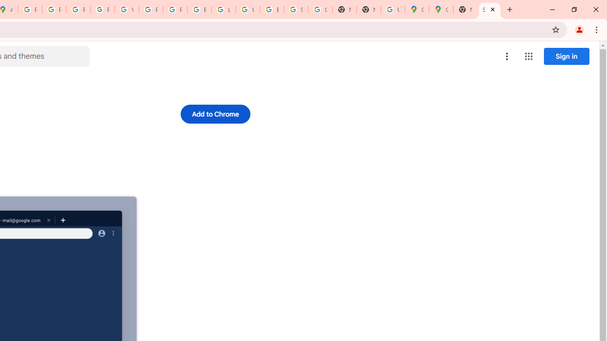 The width and height of the screenshot is (607, 341). Describe the element at coordinates (465, 9) in the screenshot. I see `'New Tab'` at that location.